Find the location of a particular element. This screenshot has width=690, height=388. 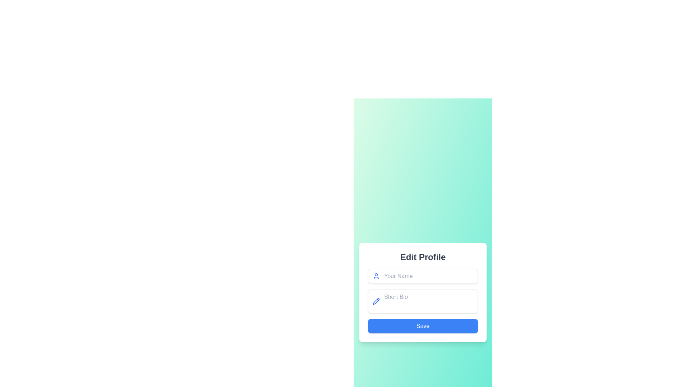

the editing icon located to the left of the 'Short Bio' text input field is located at coordinates (376, 301).